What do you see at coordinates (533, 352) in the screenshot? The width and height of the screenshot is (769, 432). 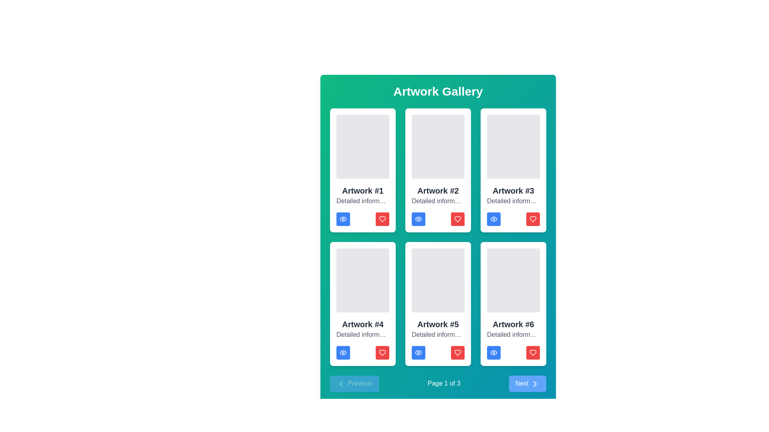 I see `the red heart icon located in the bottom-right corner of the card labeled 'Artwork #5'` at bounding box center [533, 352].